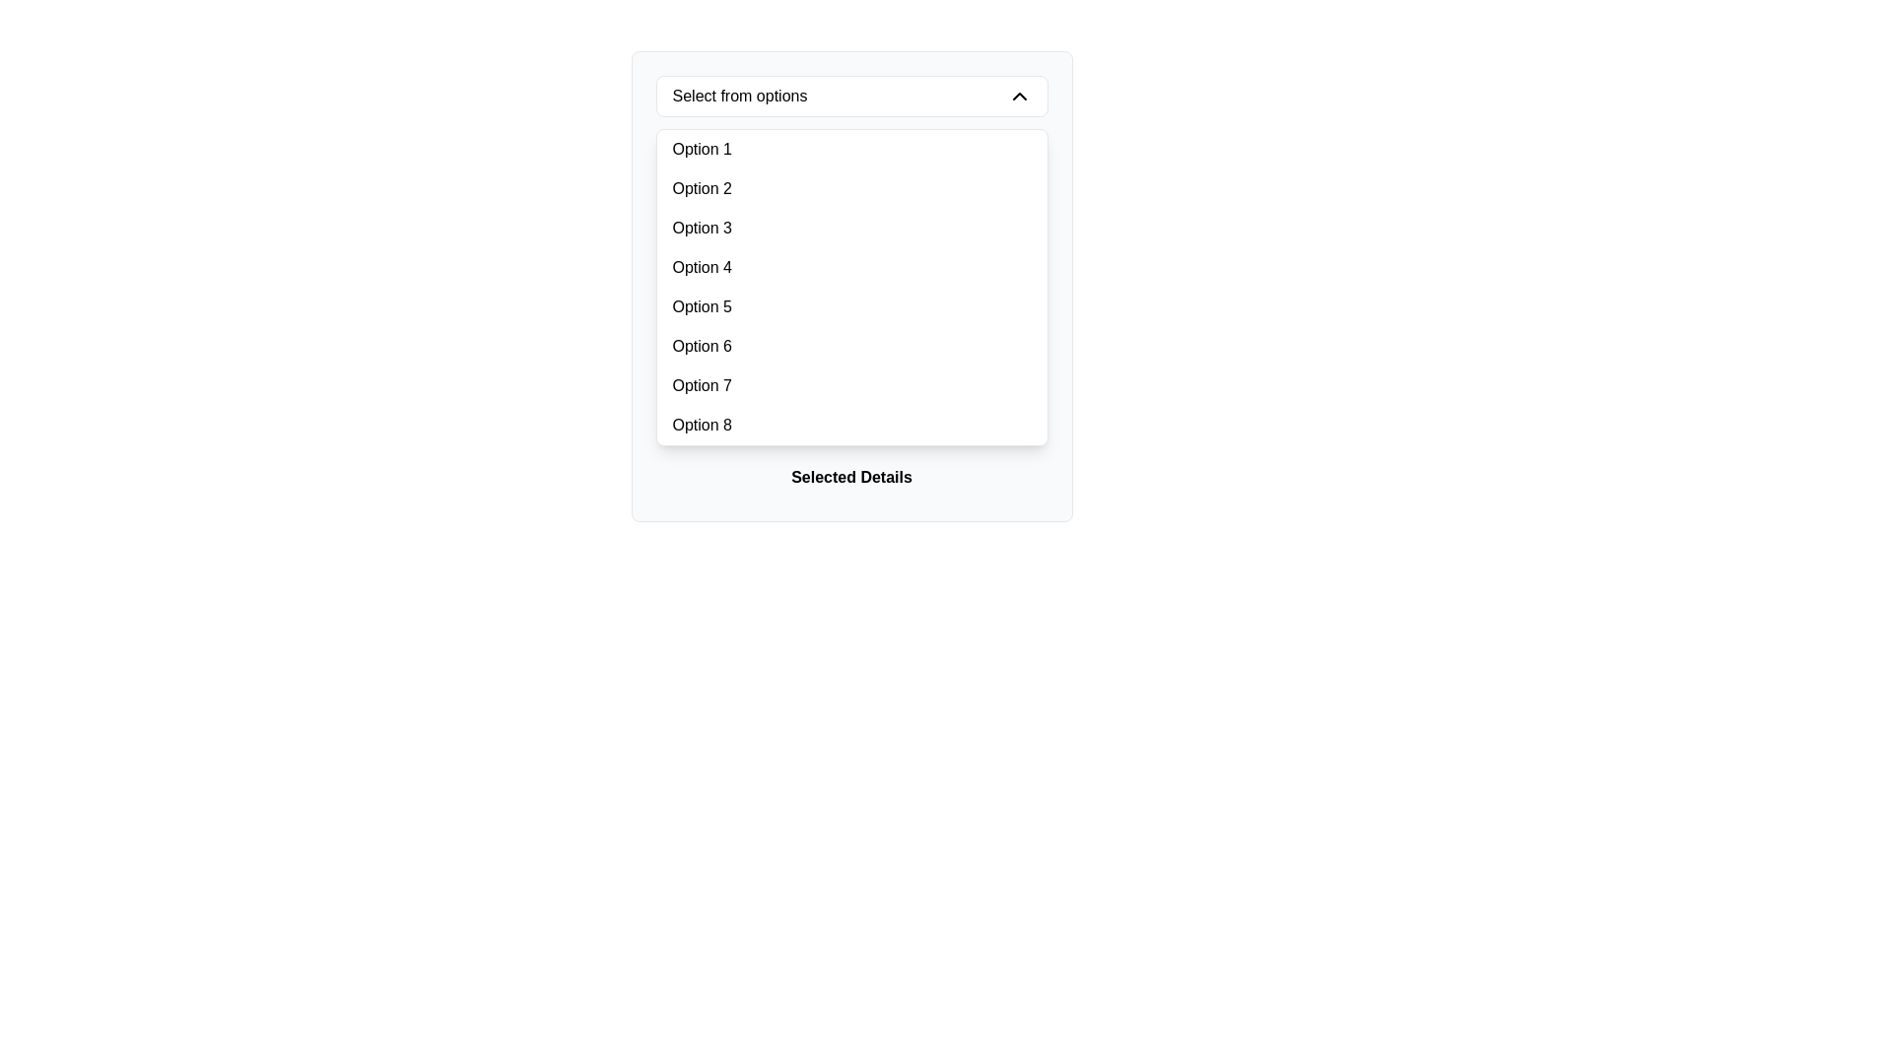 The image size is (1892, 1064). Describe the element at coordinates (702, 148) in the screenshot. I see `the first option 'Option 1' in the dropdown menu` at that location.